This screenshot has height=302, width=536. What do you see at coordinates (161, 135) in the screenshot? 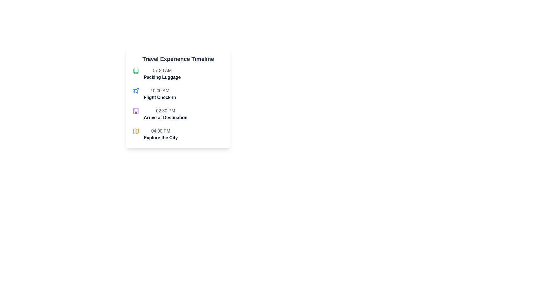
I see `the textual display component that shows the scheduled time and corresponding activity, located in the fourth entry of a vertical timeline list, positioned beneath '02:30 PM Arrive at Destination'` at bounding box center [161, 135].